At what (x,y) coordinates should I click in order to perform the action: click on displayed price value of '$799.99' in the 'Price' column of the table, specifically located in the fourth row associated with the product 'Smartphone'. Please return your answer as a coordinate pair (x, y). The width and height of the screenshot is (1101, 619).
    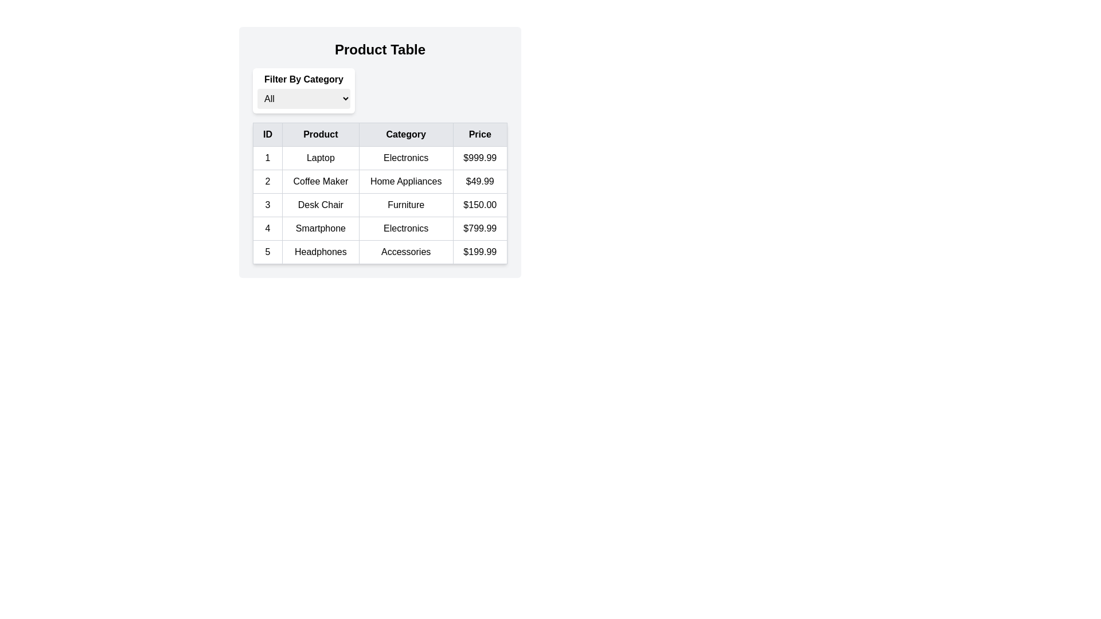
    Looking at the image, I should click on (480, 228).